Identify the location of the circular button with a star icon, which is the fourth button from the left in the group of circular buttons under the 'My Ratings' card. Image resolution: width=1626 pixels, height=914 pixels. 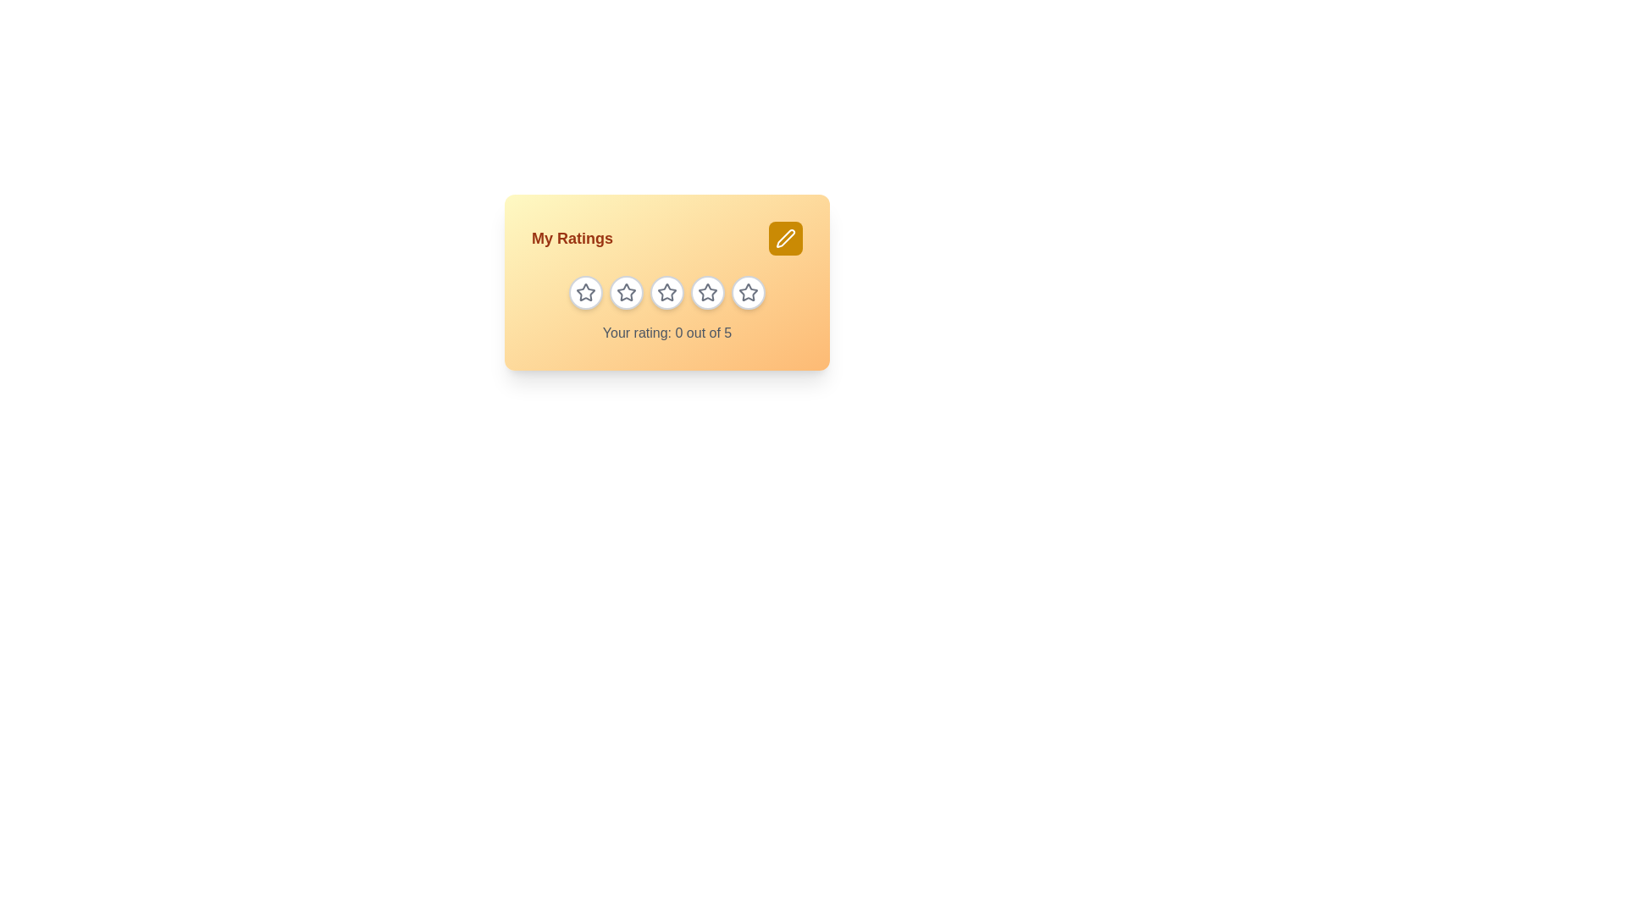
(707, 292).